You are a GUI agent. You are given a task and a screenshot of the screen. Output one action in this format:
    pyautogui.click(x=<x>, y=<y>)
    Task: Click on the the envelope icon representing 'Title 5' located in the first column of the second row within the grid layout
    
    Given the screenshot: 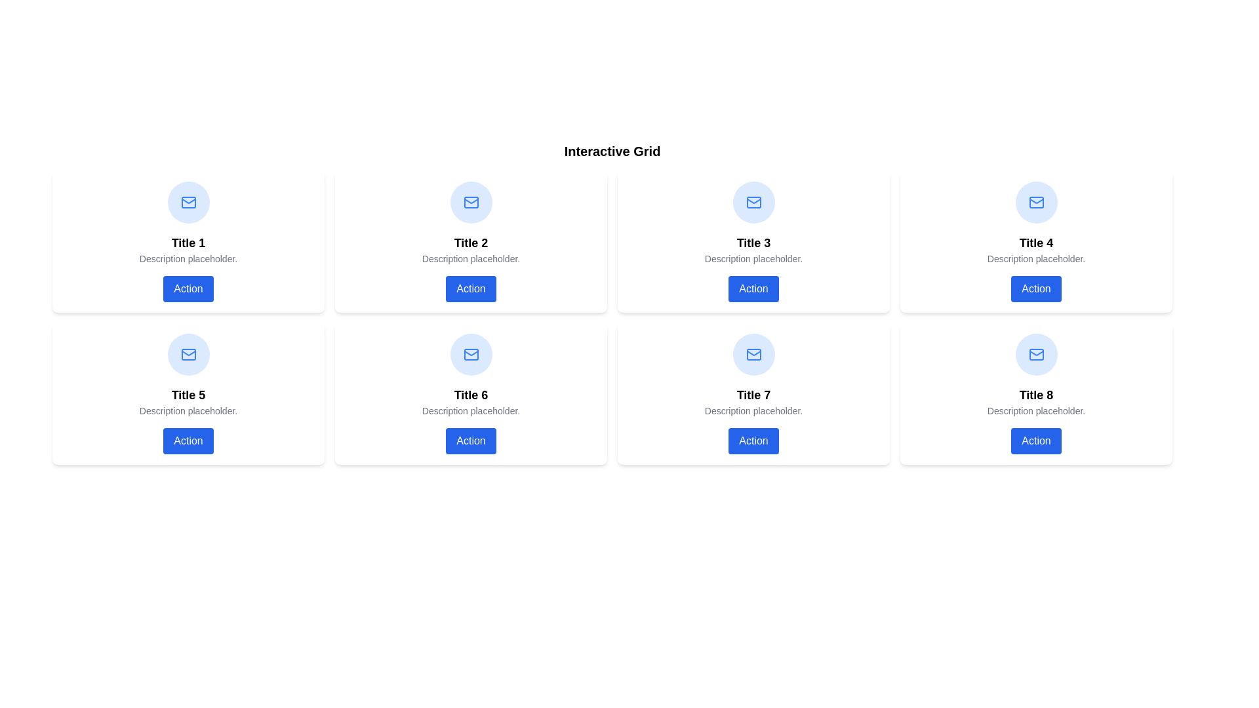 What is the action you would take?
    pyautogui.click(x=188, y=354)
    